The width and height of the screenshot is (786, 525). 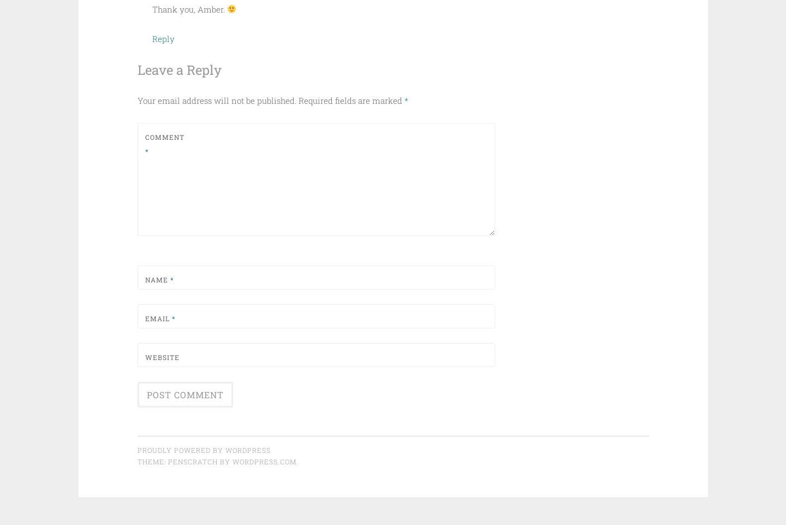 What do you see at coordinates (162, 38) in the screenshot?
I see `'Reply'` at bounding box center [162, 38].